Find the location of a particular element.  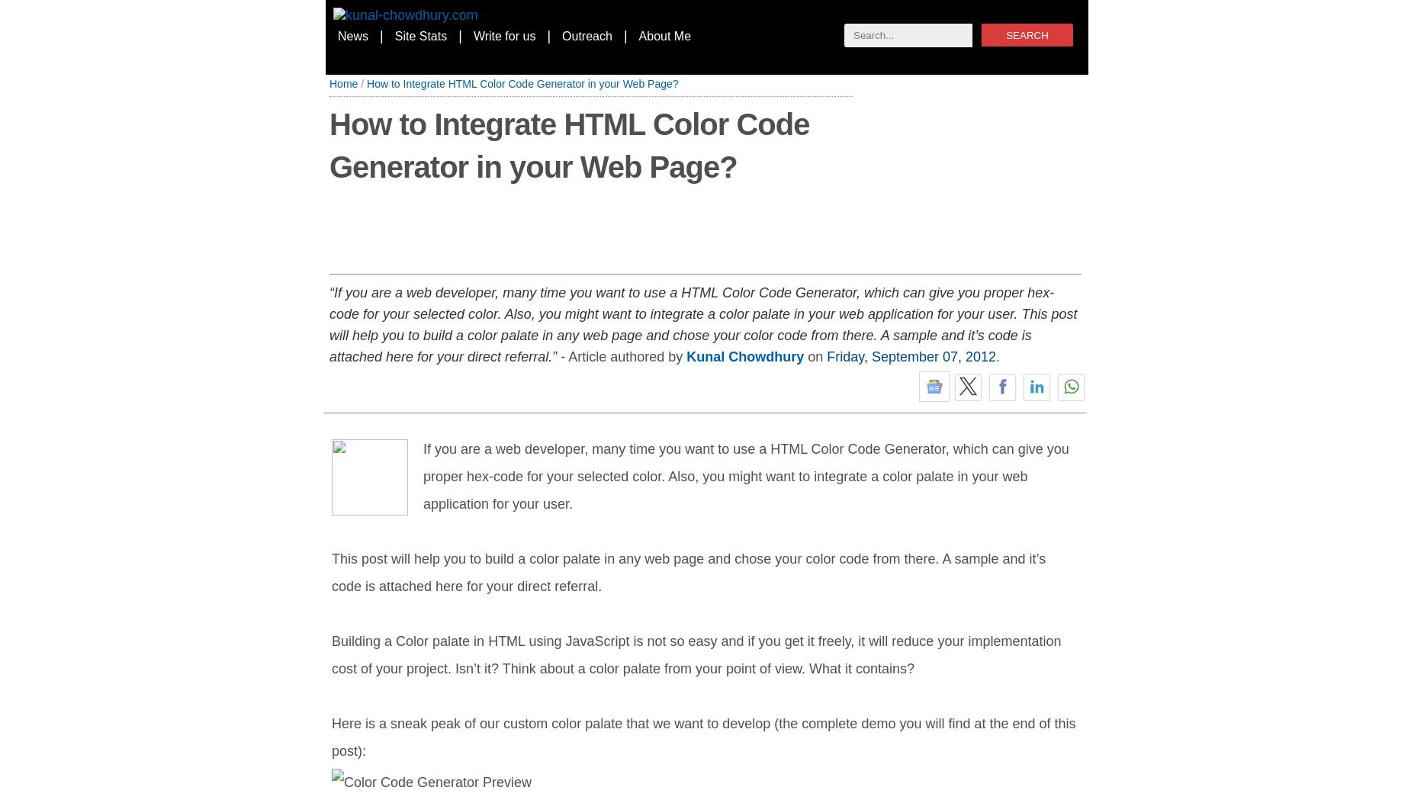

'Here is a sneak peak of our custom color palate that we want to develop (the complete demo you will find at the end of this post):' is located at coordinates (330, 737).